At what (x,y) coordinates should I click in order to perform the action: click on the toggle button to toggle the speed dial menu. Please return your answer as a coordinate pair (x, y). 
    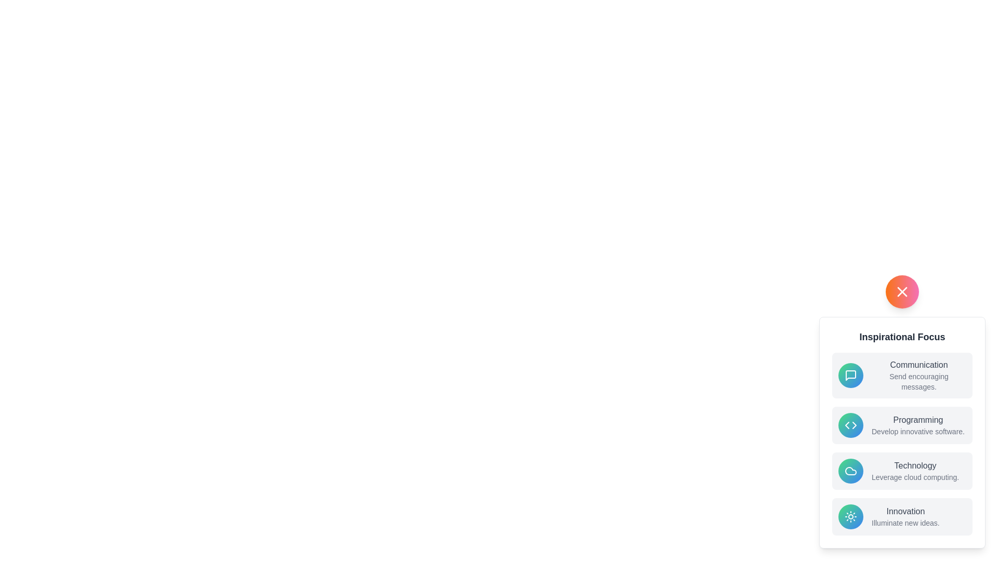
    Looking at the image, I should click on (902, 292).